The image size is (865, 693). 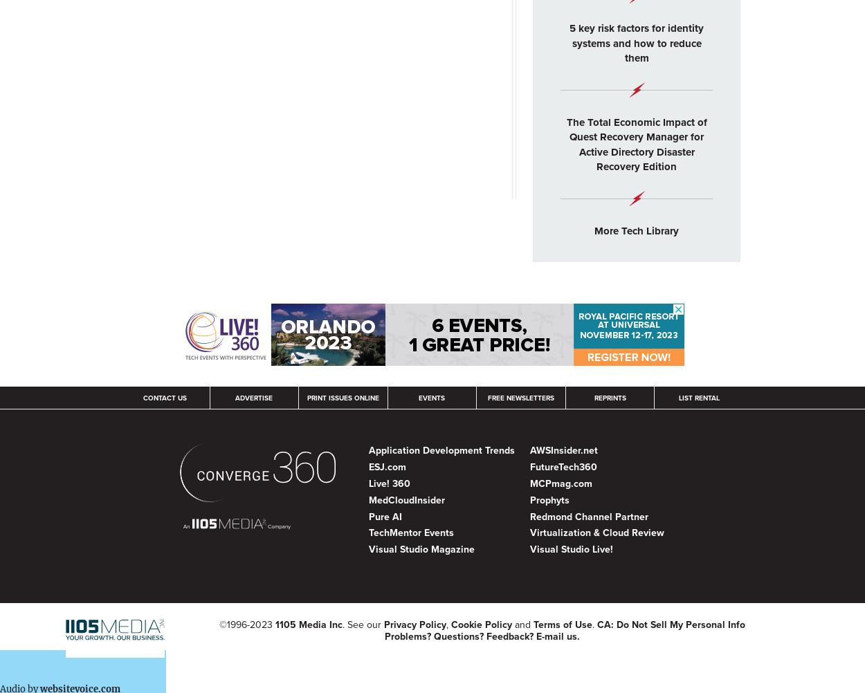 What do you see at coordinates (431, 398) in the screenshot?
I see `'Events'` at bounding box center [431, 398].